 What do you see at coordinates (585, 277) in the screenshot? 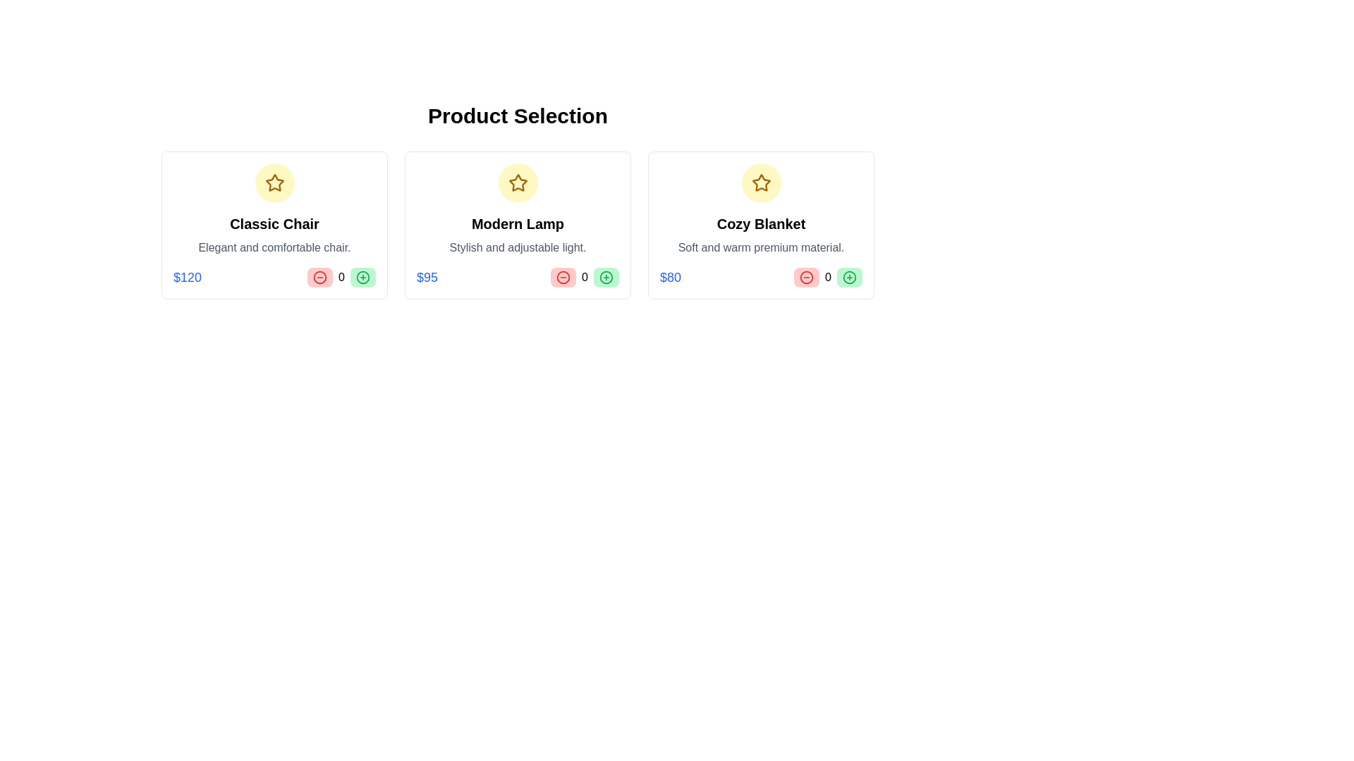
I see `the textual display that shows the current numerical value associated with the product 'Modern Lamp', located between the increment and decrement buttons` at bounding box center [585, 277].